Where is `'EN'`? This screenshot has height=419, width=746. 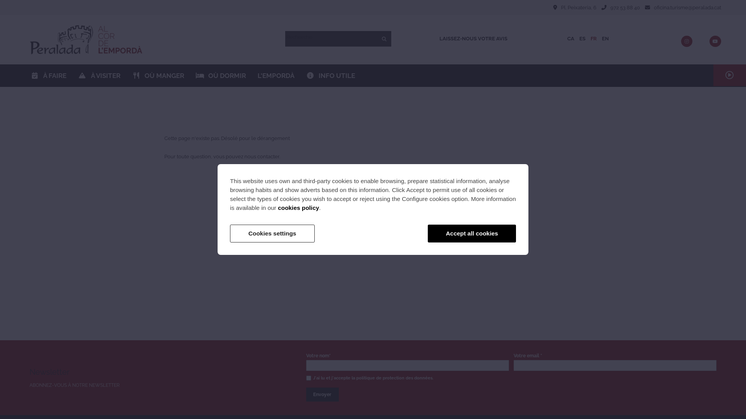 'EN' is located at coordinates (605, 38).